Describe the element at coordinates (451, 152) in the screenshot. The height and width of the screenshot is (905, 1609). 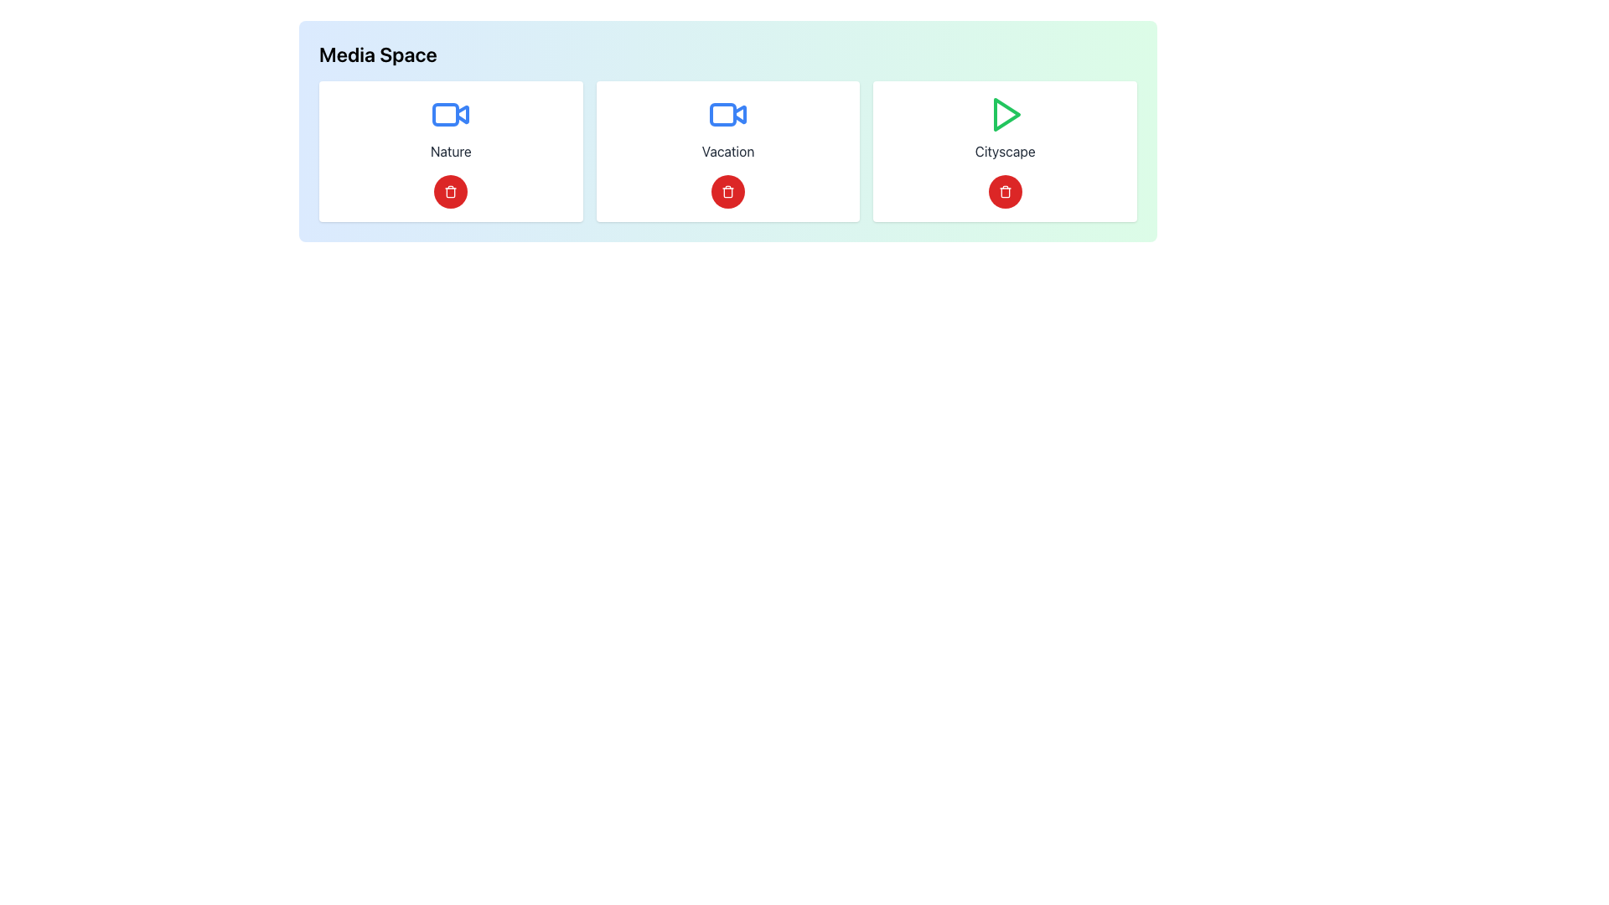
I see `the text label displaying 'Nature', located in the first card of the grid, positioned below the video icon and above the red circular button with a trash icon` at that location.